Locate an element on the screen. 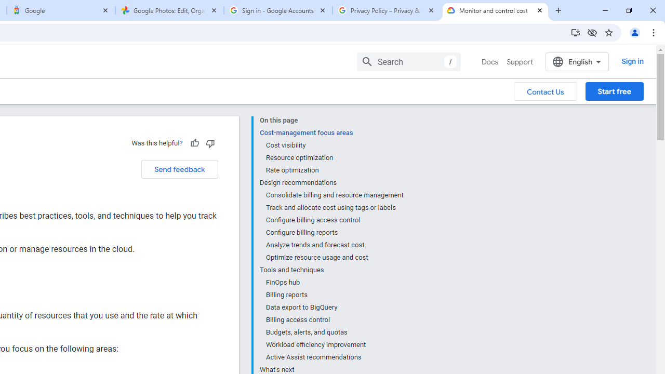 The image size is (665, 374). 'Budgets, alerts, and quotas' is located at coordinates (334, 332).